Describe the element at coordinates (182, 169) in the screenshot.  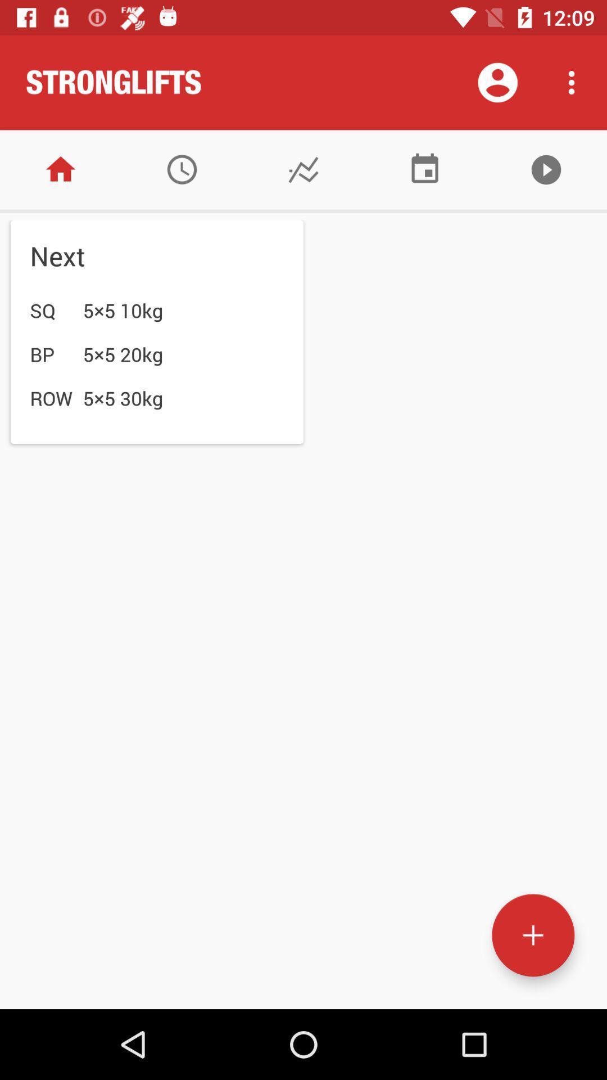
I see `time button` at that location.